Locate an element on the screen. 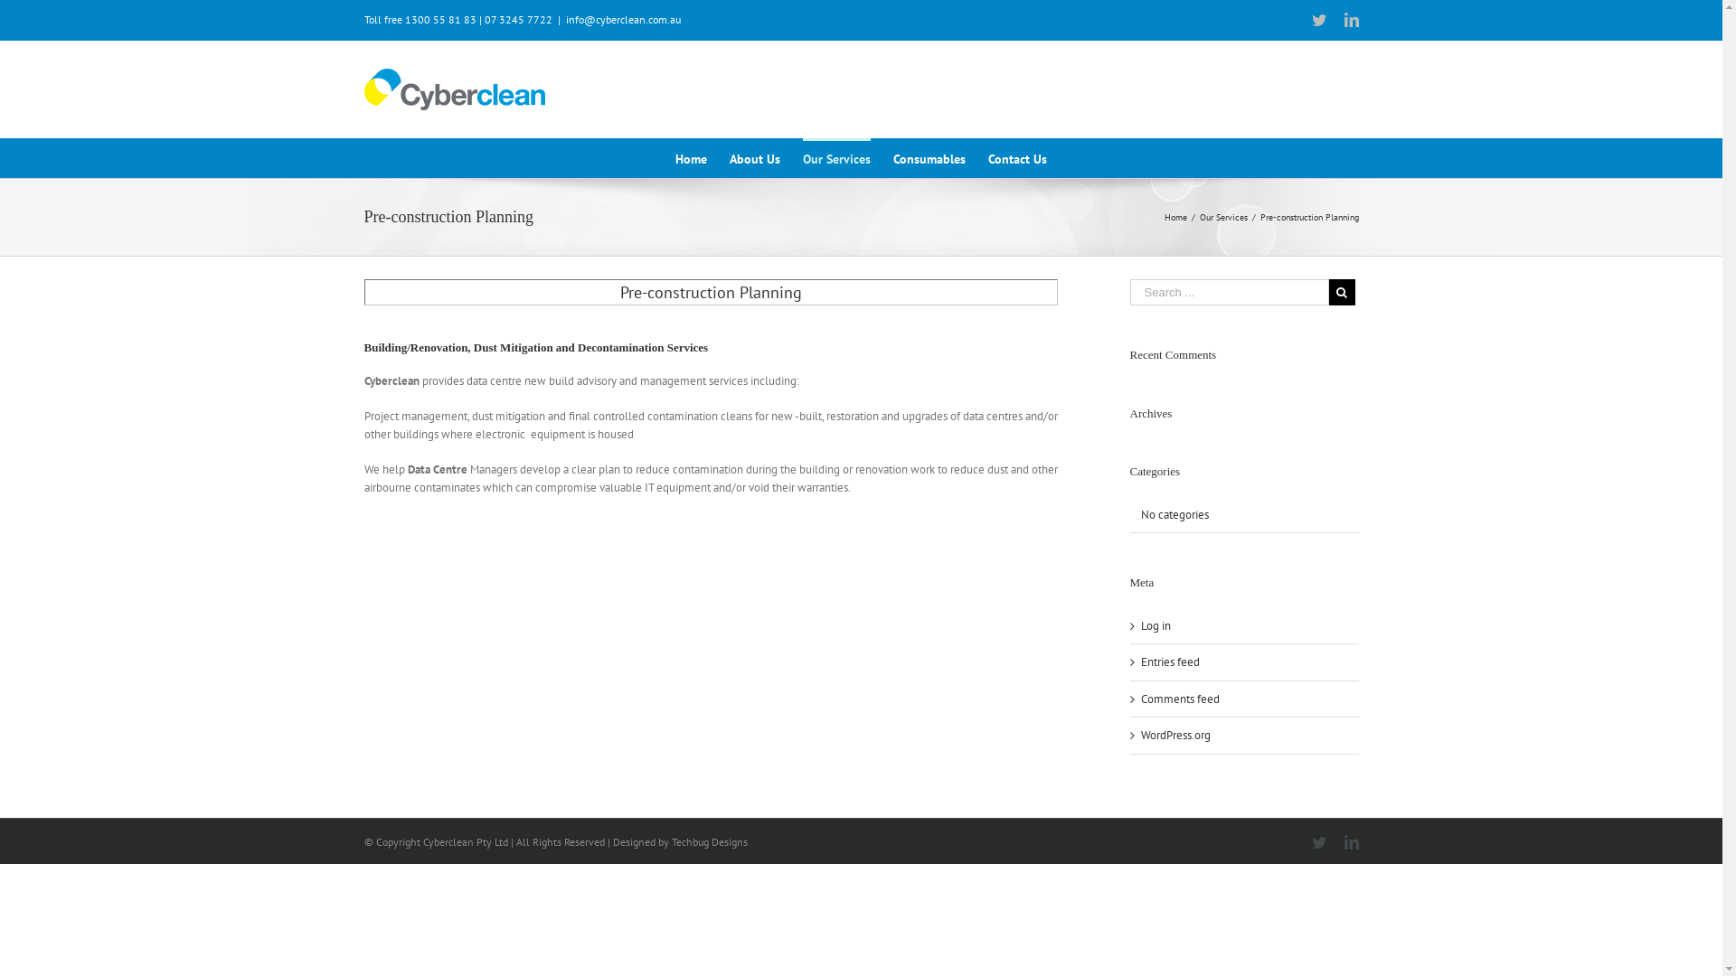  'Home' is located at coordinates (1175, 216).